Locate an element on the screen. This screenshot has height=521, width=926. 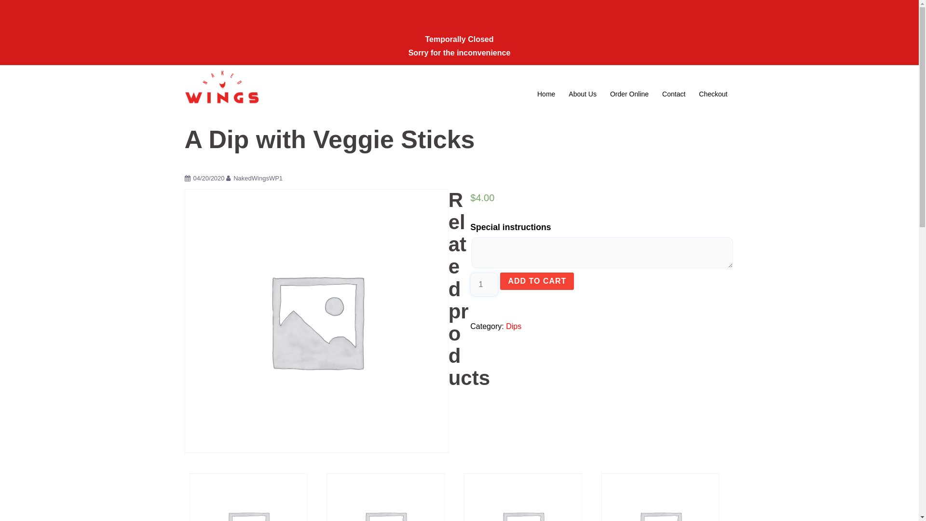
'Naked Wings AU' is located at coordinates (221, 93).